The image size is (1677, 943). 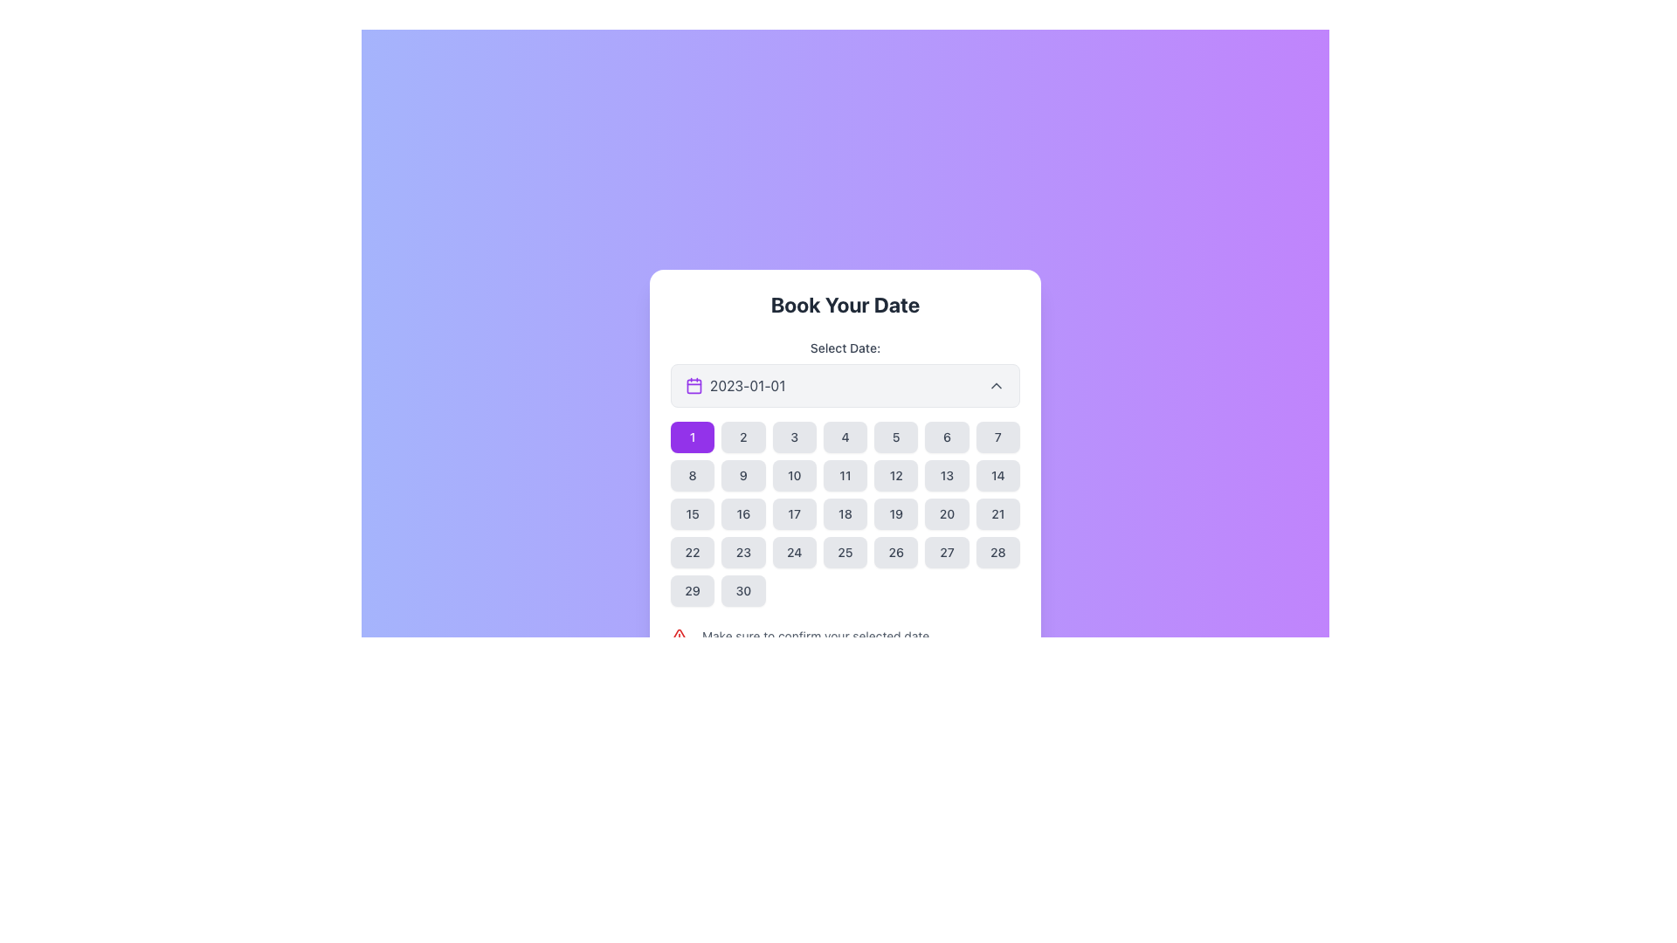 I want to click on the button labeled '20' which is a rounded rectangular button with a light gray background and dark gray text, so click(x=946, y=513).